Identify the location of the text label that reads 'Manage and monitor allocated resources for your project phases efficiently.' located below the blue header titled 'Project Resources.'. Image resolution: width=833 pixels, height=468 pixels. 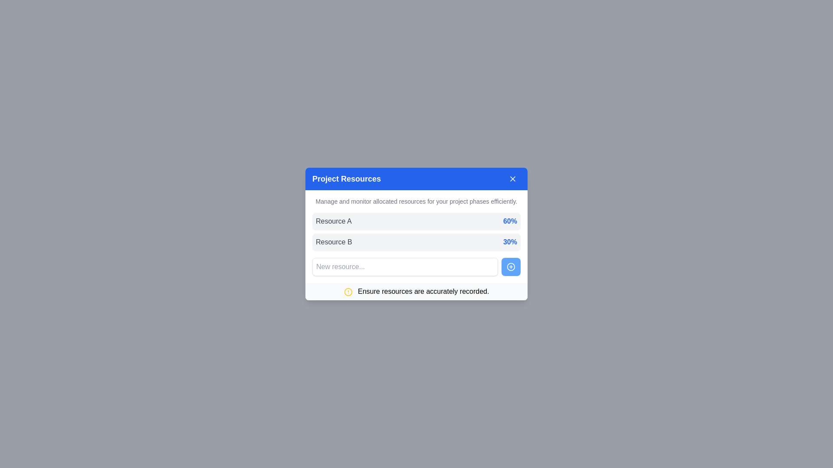
(416, 201).